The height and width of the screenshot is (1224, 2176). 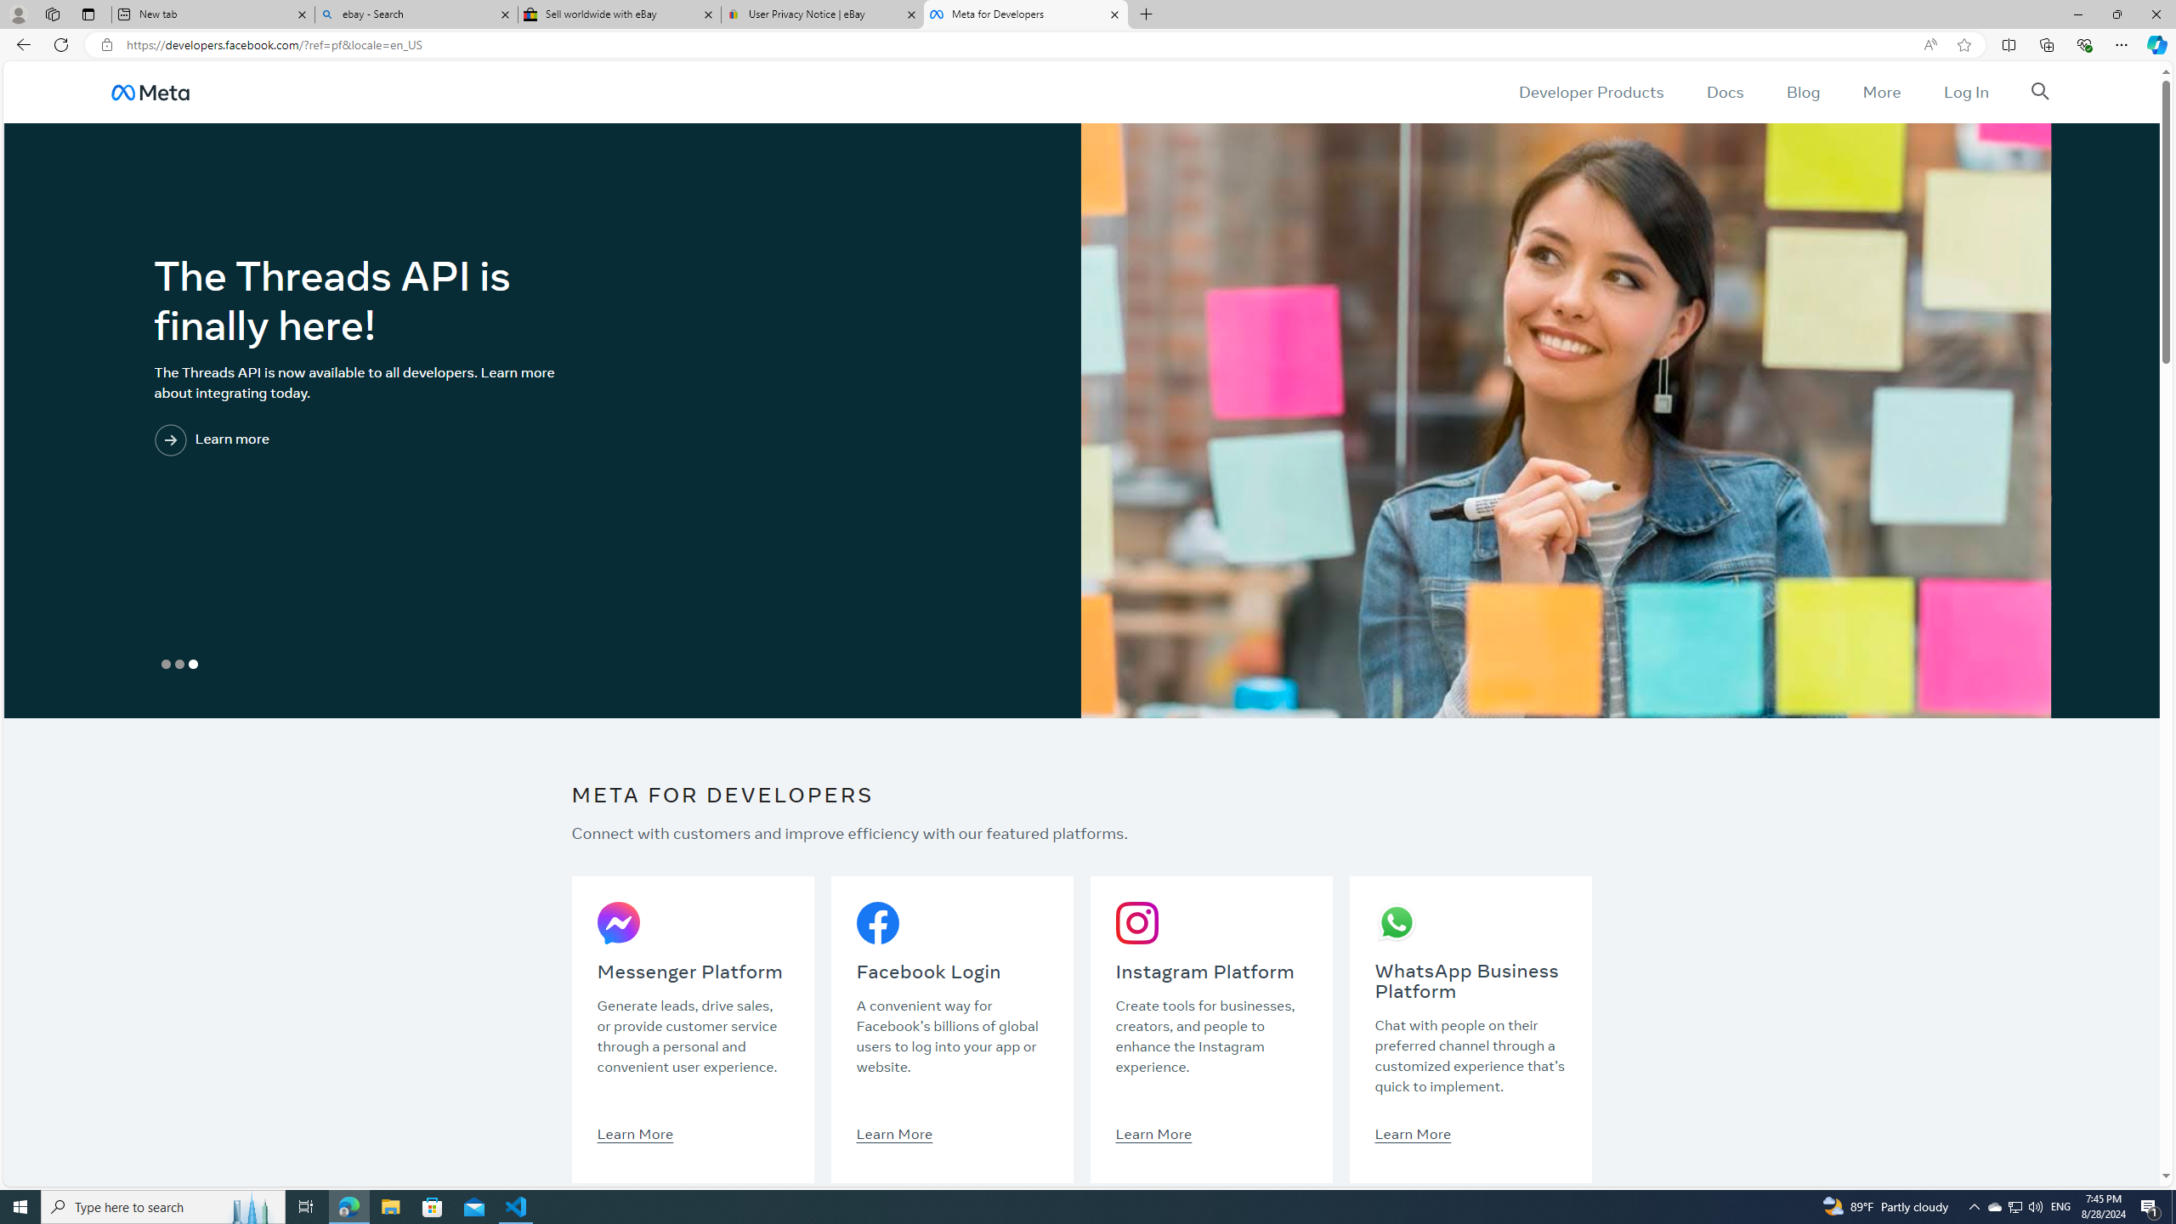 What do you see at coordinates (1964, 91) in the screenshot?
I see `'Log In'` at bounding box center [1964, 91].